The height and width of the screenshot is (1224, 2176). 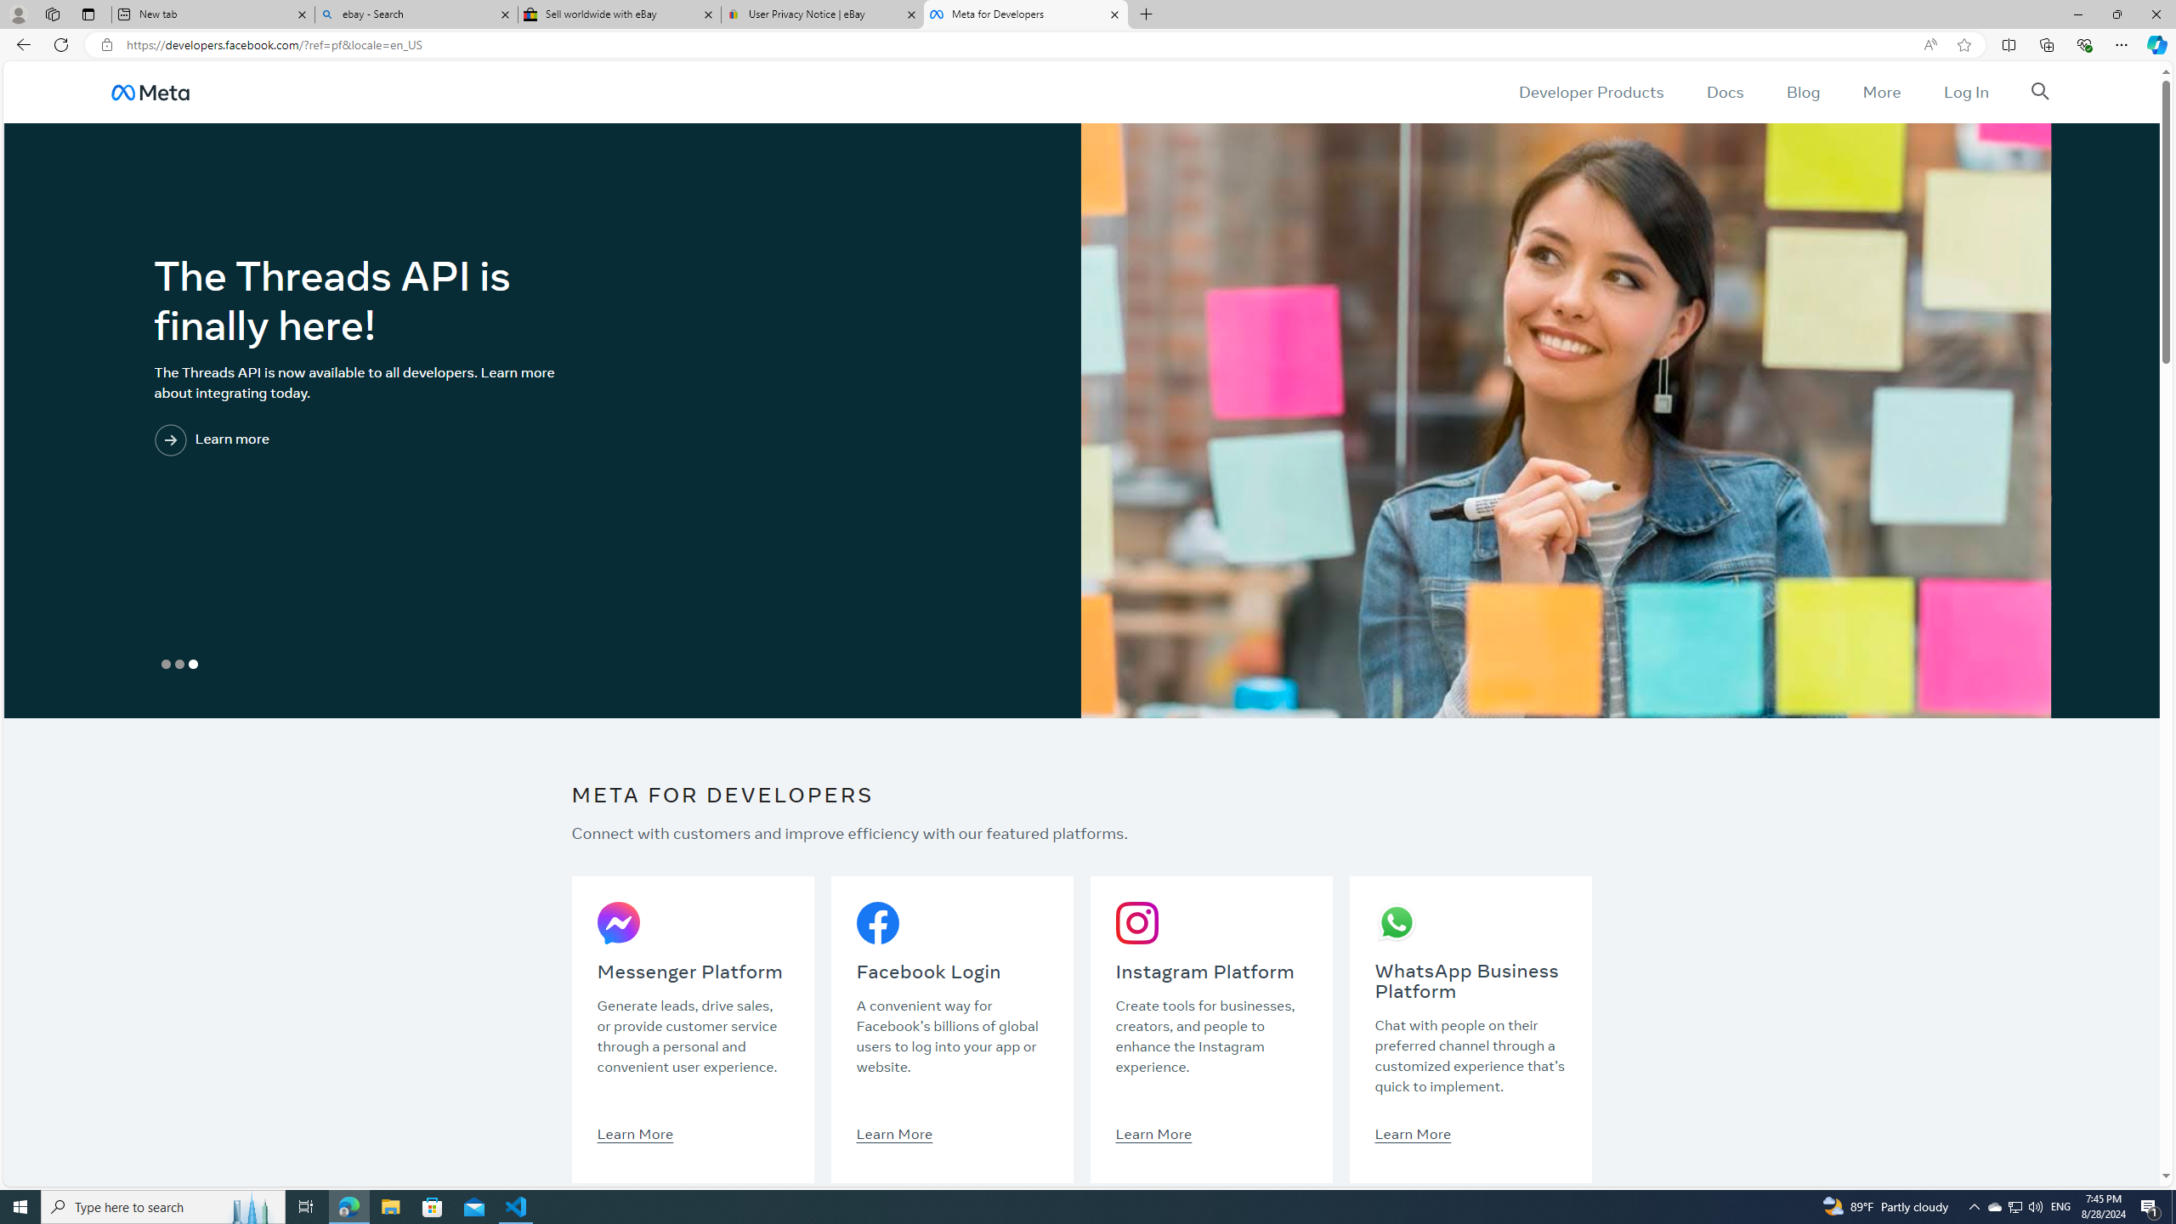 What do you see at coordinates (1964, 91) in the screenshot?
I see `'Log In'` at bounding box center [1964, 91].